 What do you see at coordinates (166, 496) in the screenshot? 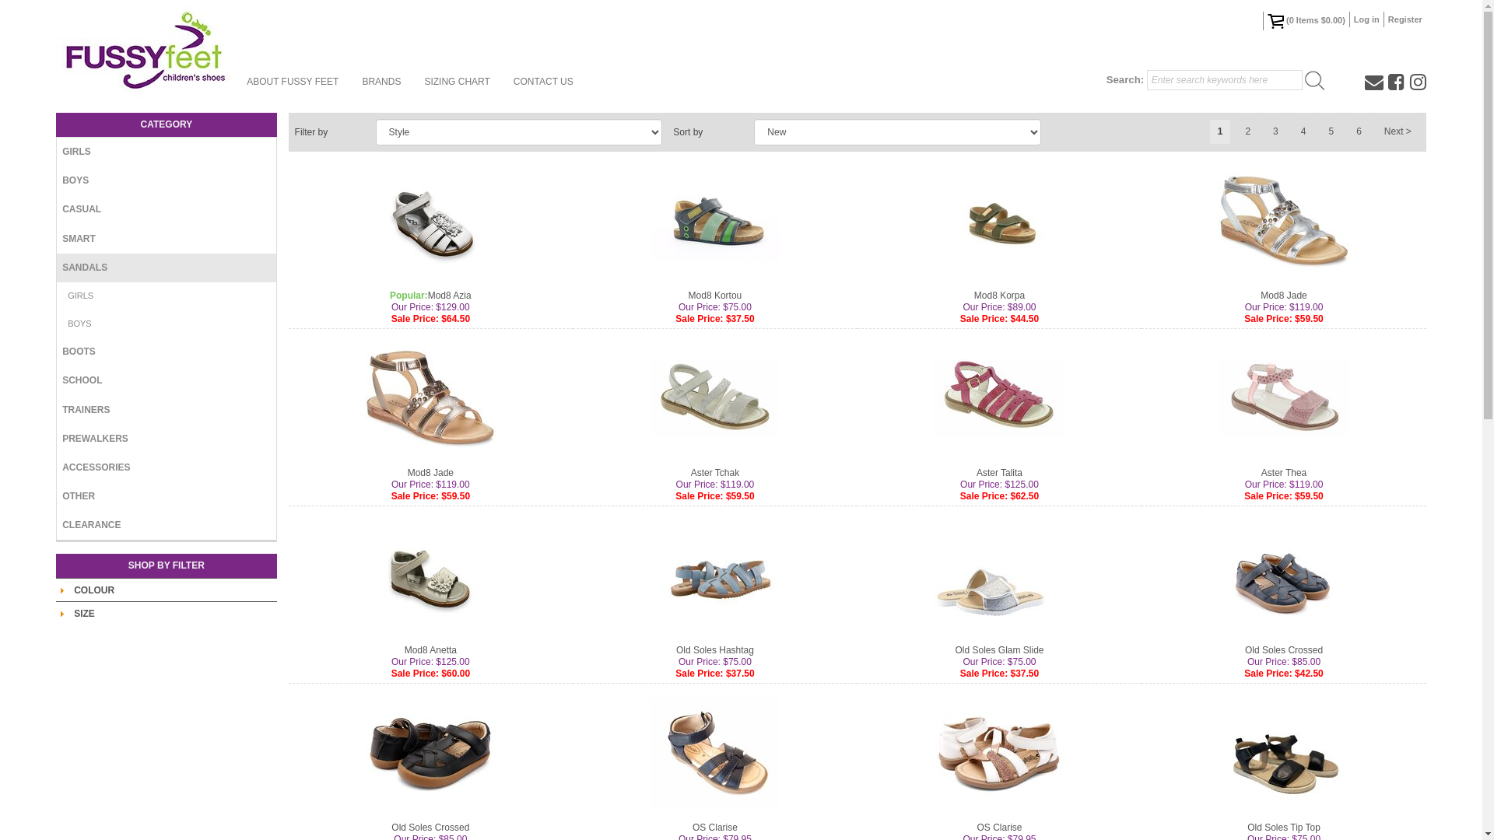
I see `'OTHER'` at bounding box center [166, 496].